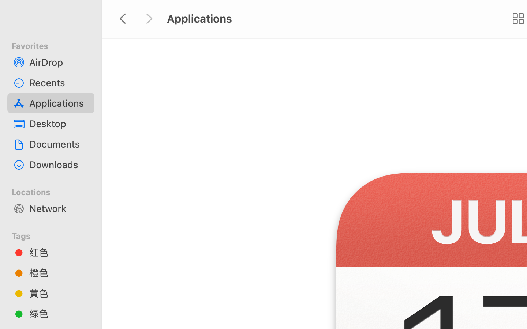  What do you see at coordinates (55, 190) in the screenshot?
I see `'Locations'` at bounding box center [55, 190].